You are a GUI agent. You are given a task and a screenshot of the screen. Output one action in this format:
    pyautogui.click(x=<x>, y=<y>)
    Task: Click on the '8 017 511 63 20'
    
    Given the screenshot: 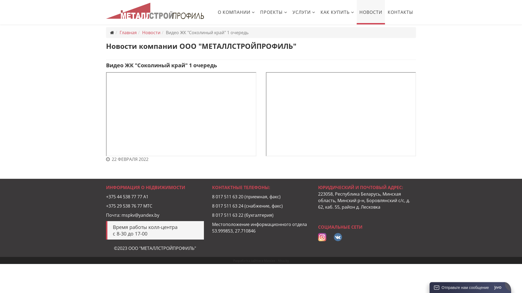 What is the action you would take?
    pyautogui.click(x=228, y=197)
    